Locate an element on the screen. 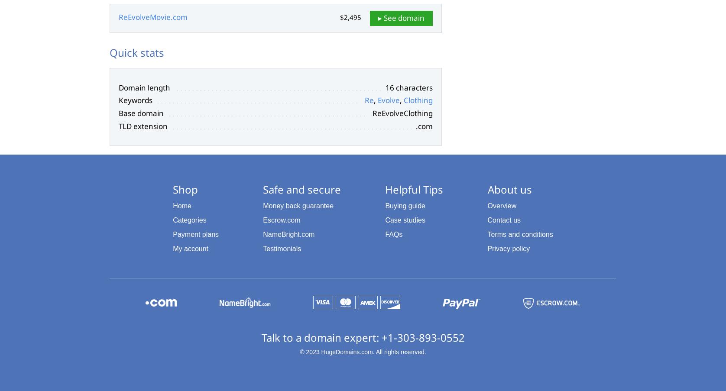 This screenshot has height=391, width=726. '$2,495' is located at coordinates (350, 17).